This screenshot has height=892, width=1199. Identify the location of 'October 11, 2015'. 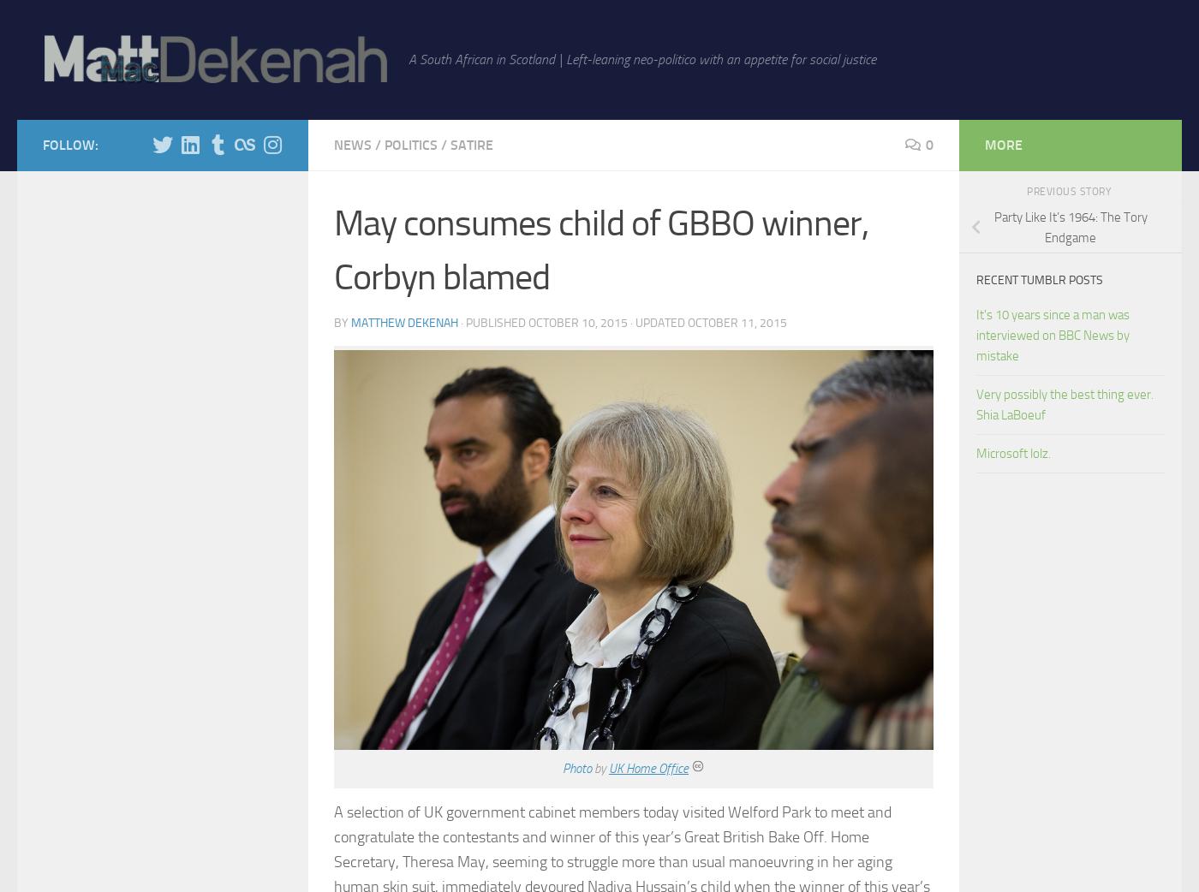
(737, 321).